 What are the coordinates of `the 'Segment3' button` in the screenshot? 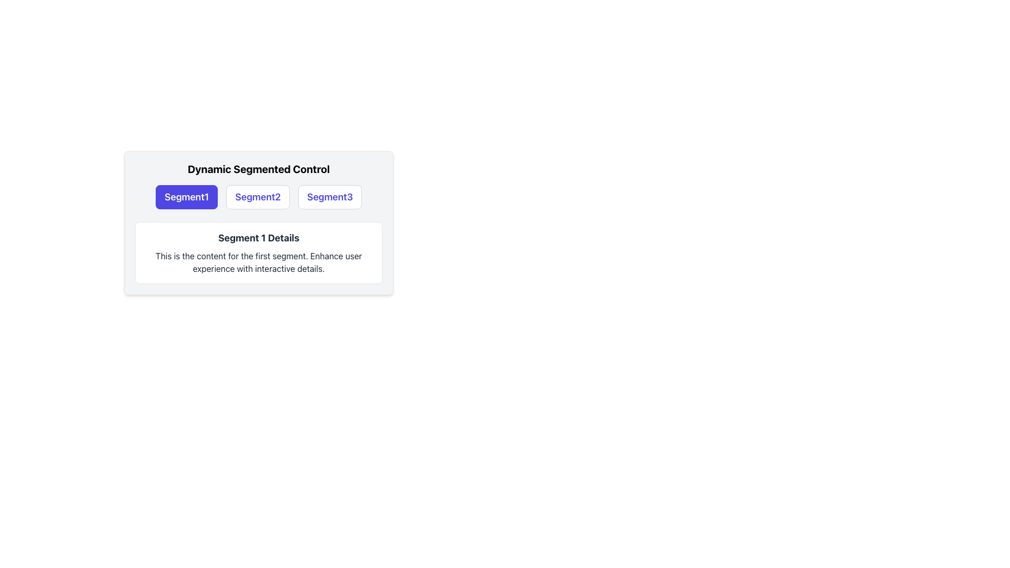 It's located at (329, 197).